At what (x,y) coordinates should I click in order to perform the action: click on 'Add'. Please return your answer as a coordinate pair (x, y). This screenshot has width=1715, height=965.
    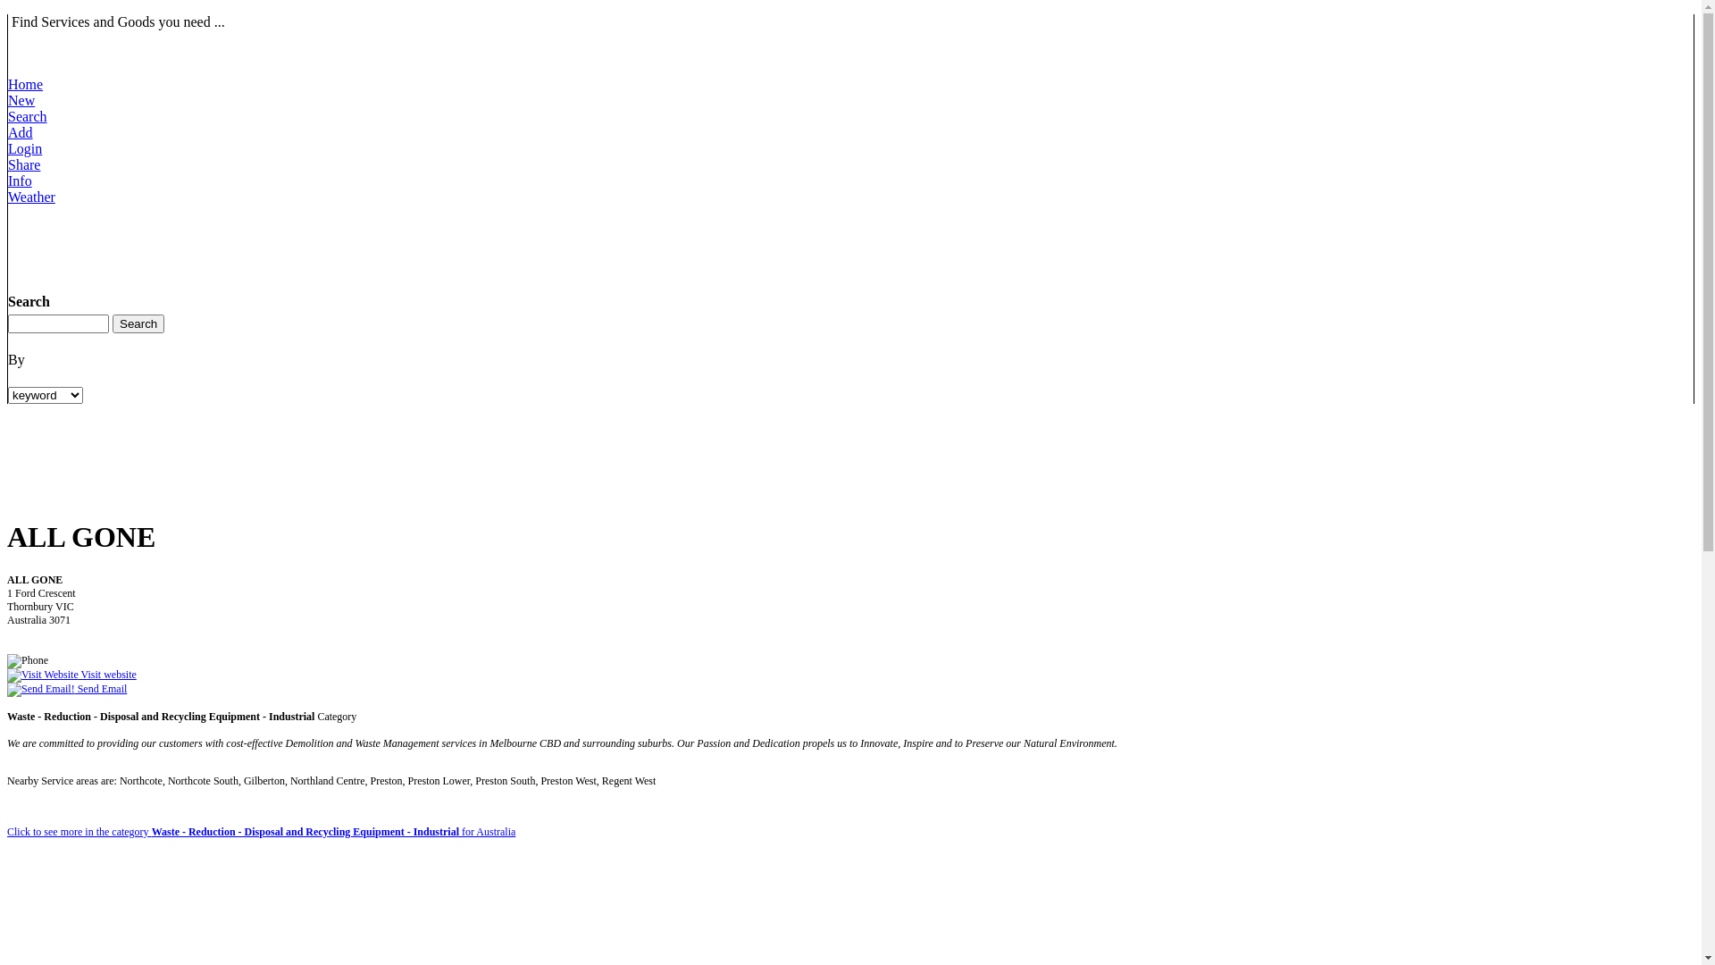
    Looking at the image, I should click on (8, 139).